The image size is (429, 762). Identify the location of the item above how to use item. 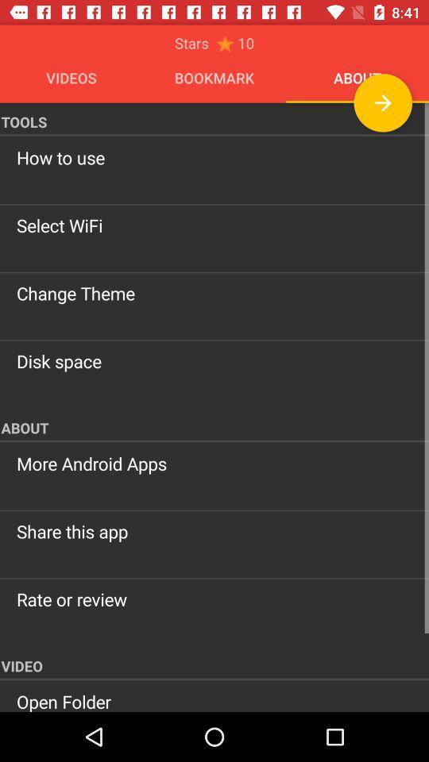
(382, 102).